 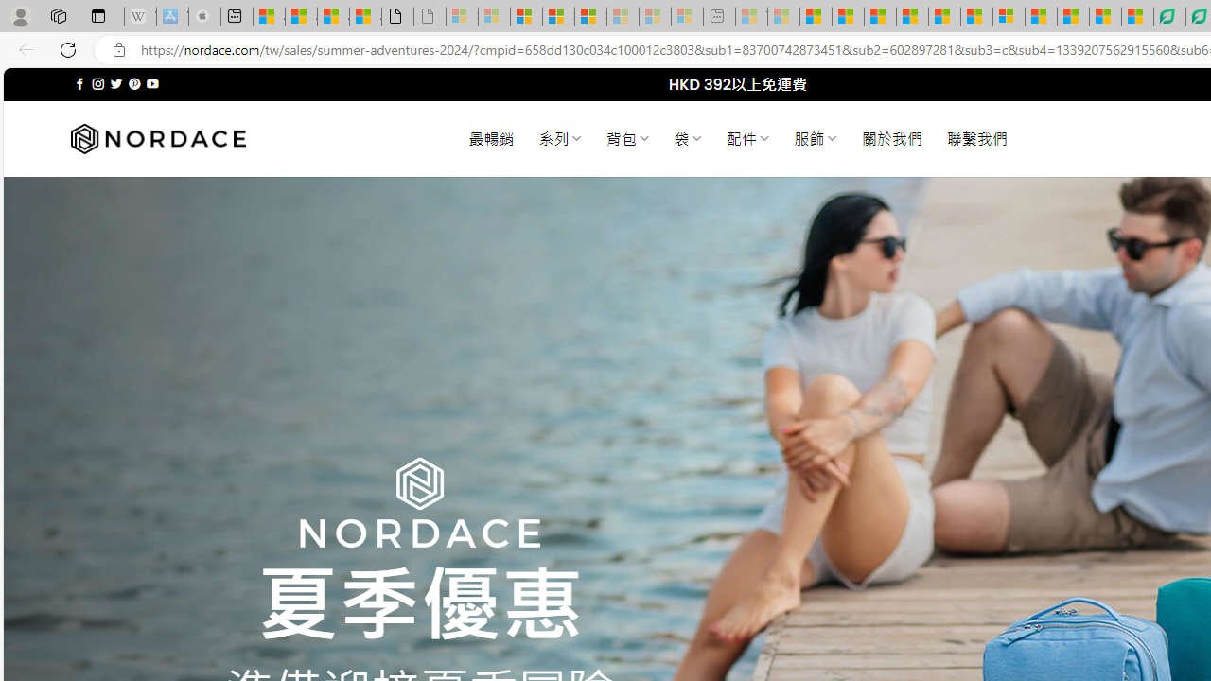 I want to click on 'New tab', so click(x=236, y=16).